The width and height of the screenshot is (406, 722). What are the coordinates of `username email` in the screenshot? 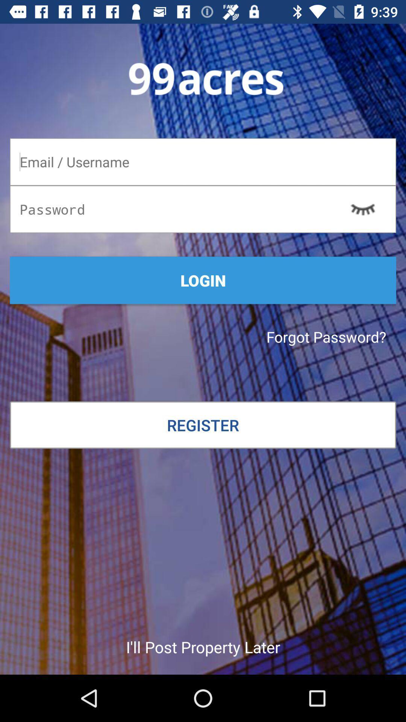 It's located at (203, 161).